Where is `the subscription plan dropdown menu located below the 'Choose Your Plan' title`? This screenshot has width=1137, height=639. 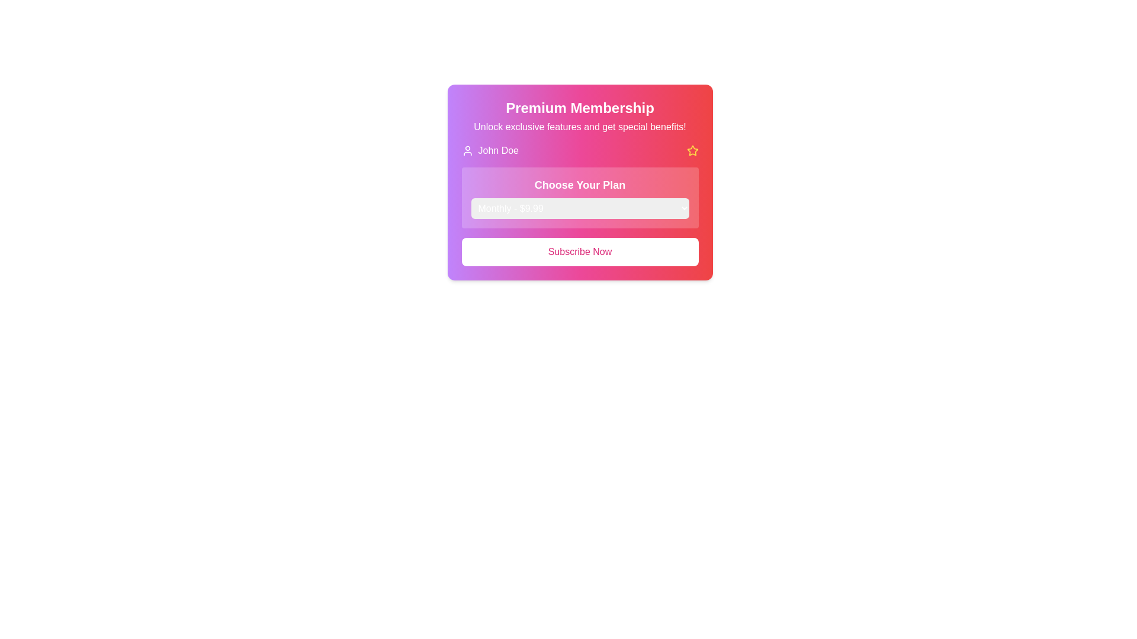 the subscription plan dropdown menu located below the 'Choose Your Plan' title is located at coordinates (580, 208).